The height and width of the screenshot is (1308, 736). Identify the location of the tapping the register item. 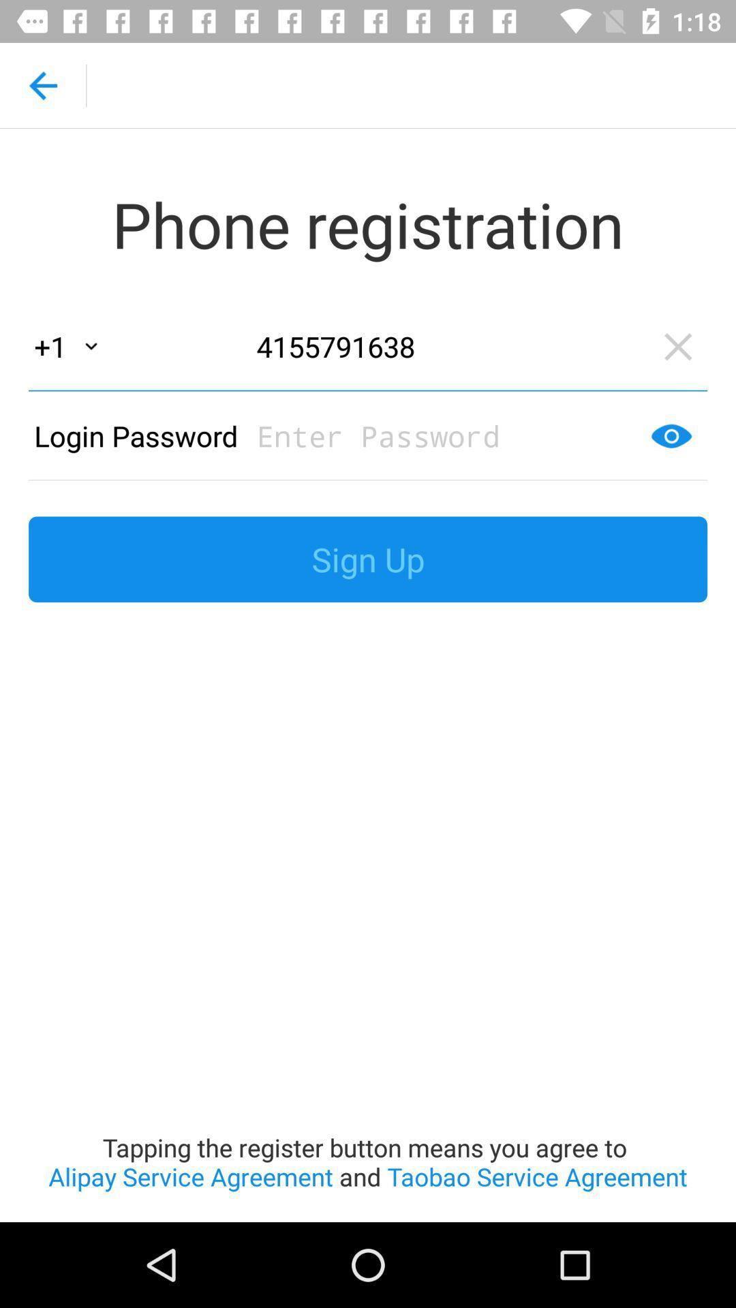
(368, 920).